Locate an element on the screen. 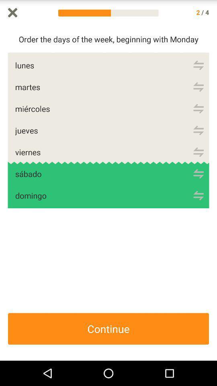  the symbol which is to the immediate right of martes is located at coordinates (198, 87).